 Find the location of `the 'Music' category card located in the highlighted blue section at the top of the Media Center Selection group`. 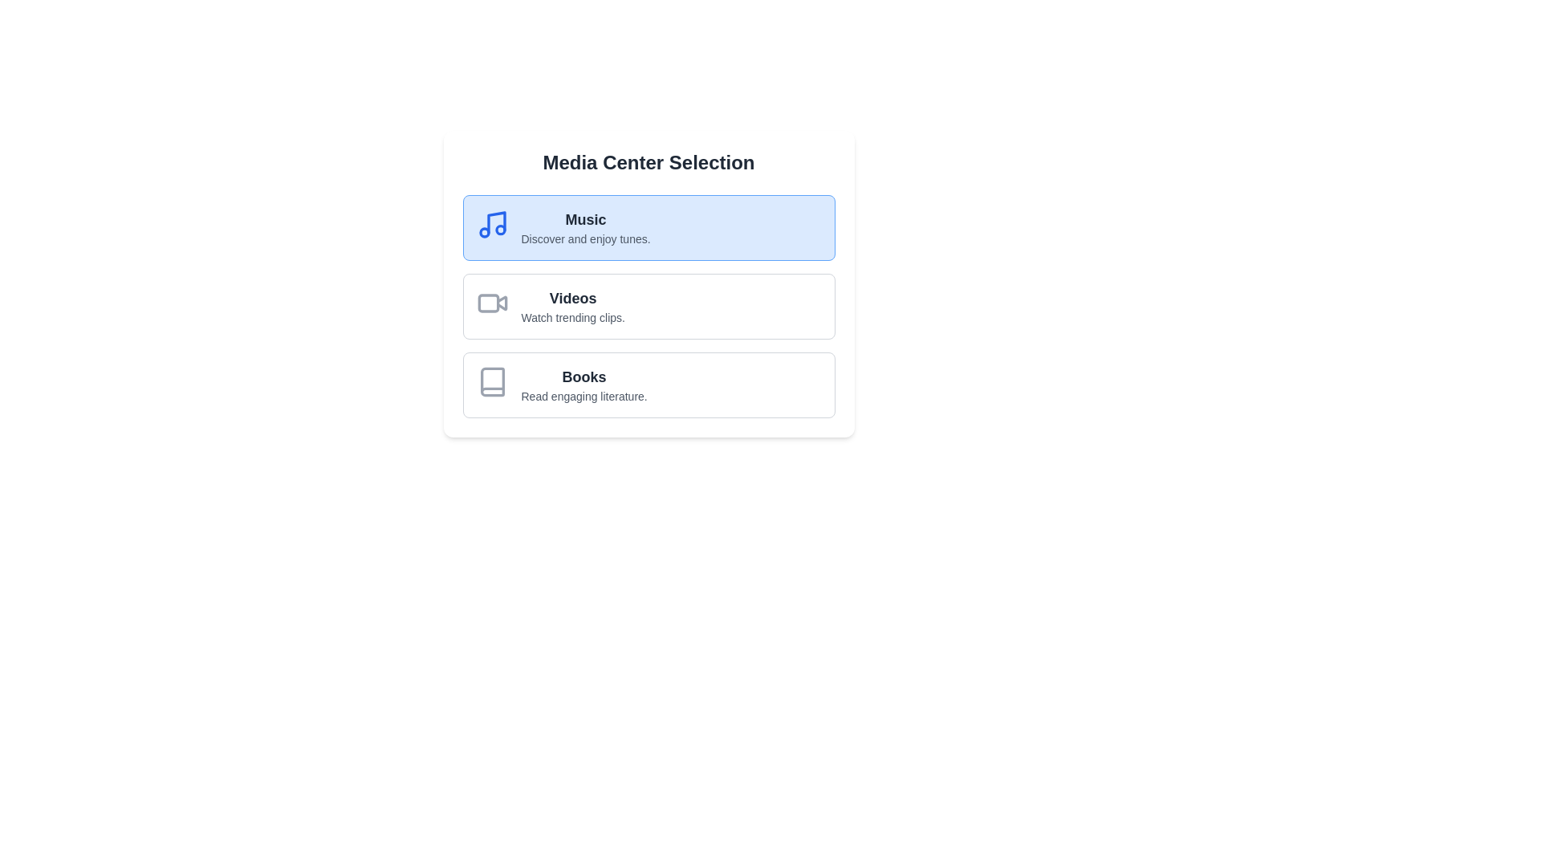

the 'Music' category card located in the highlighted blue section at the top of the Media Center Selection group is located at coordinates (584, 228).